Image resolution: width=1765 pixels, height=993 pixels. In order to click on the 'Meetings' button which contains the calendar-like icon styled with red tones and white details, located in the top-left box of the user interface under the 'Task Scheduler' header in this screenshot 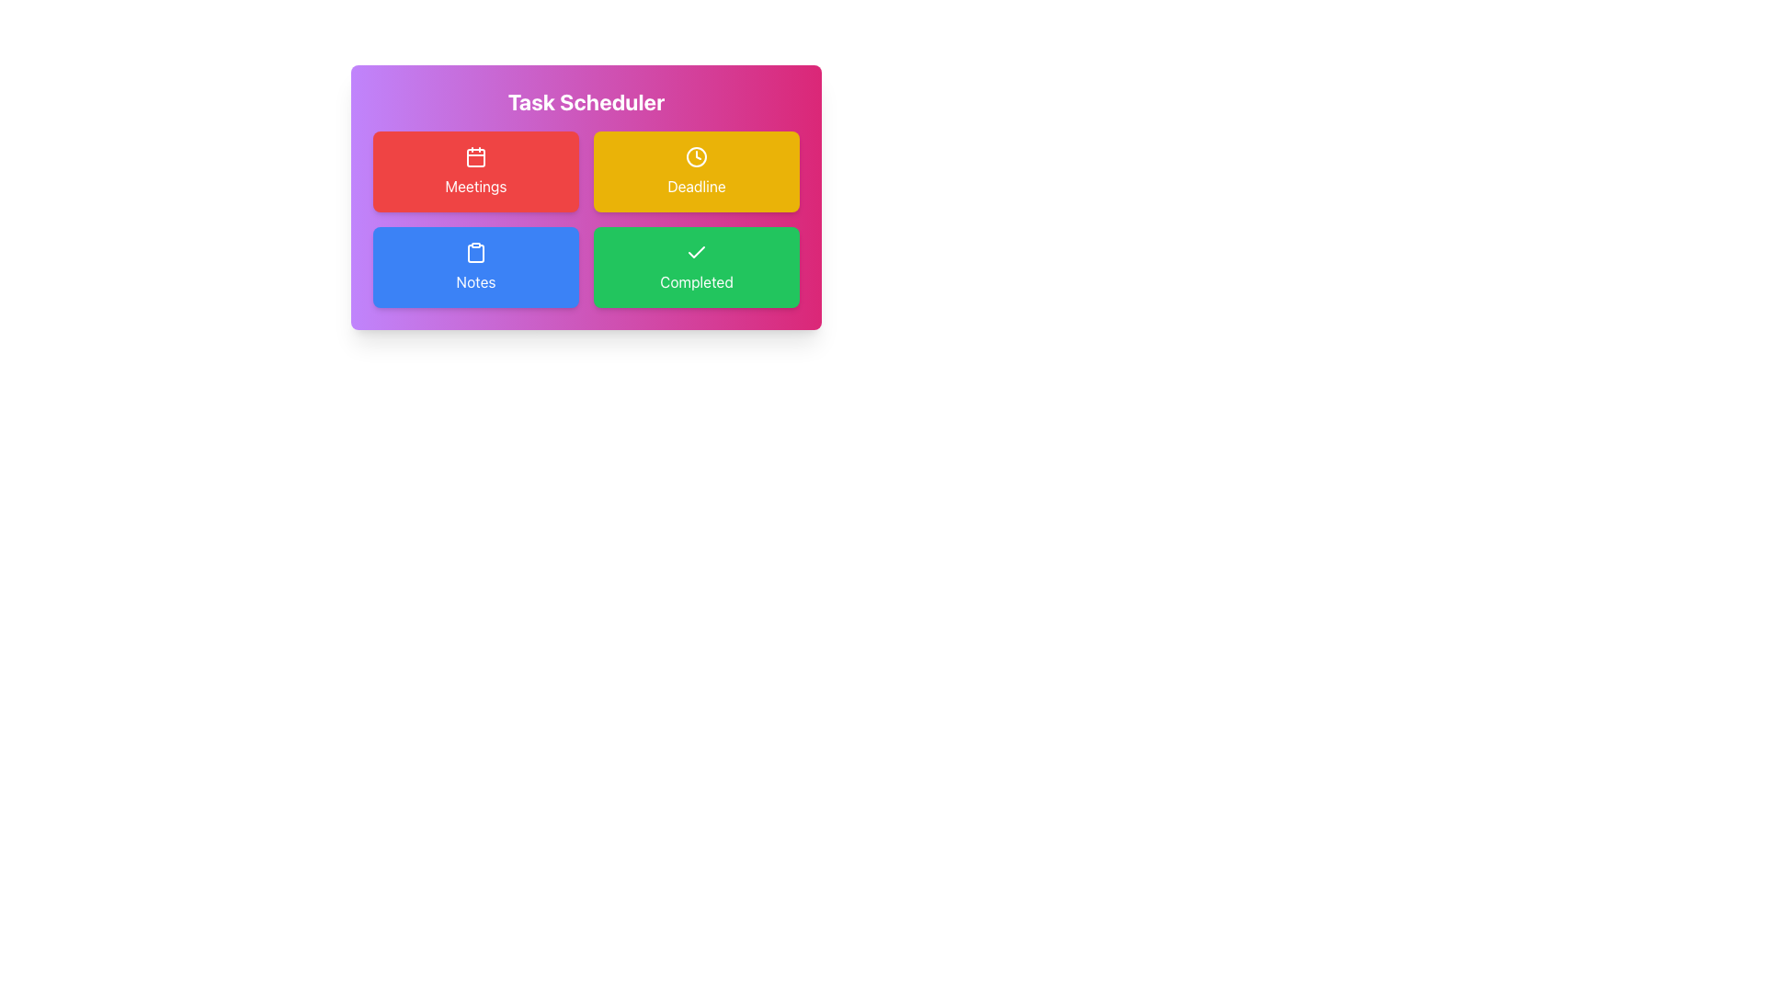, I will do `click(476, 155)`.